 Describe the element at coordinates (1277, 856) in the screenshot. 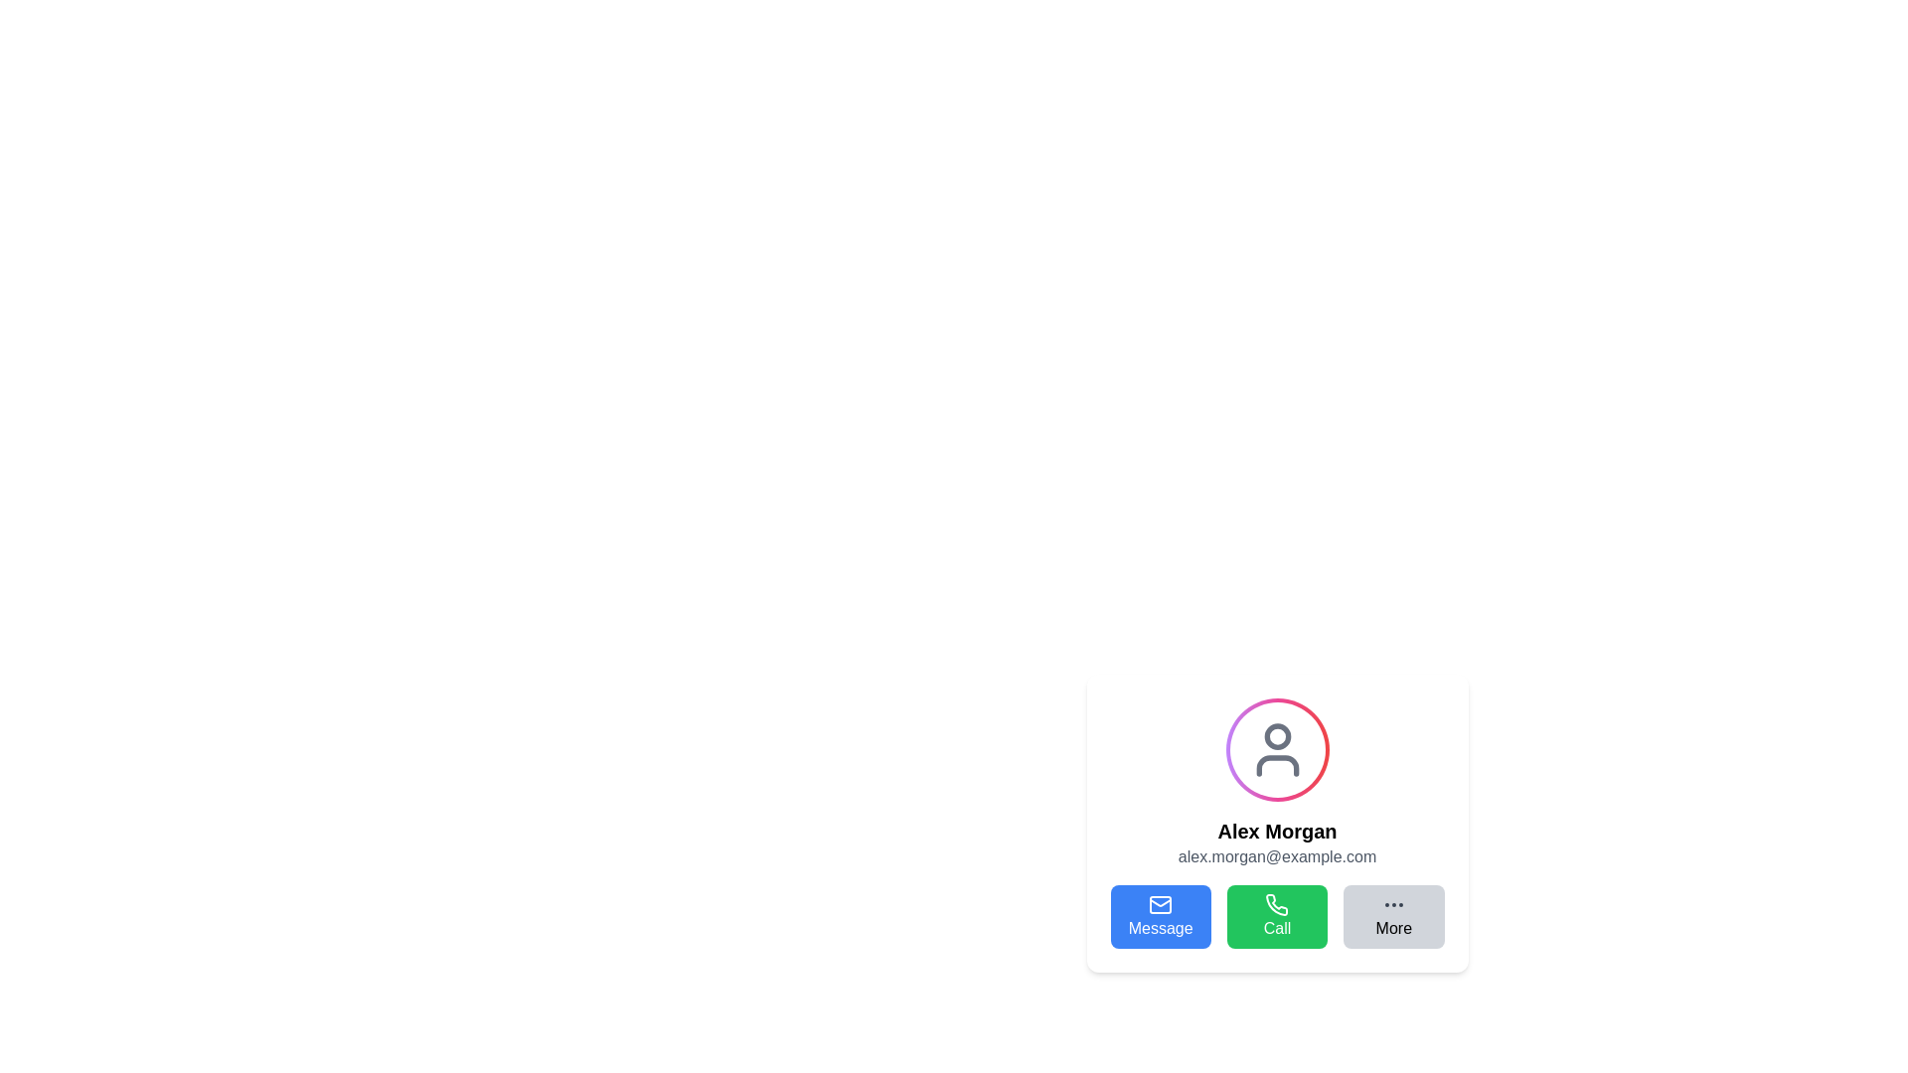

I see `the email address text element displayed under the title 'Alex Morgan', which provides contact information for the user identified as Alex Morgan` at that location.